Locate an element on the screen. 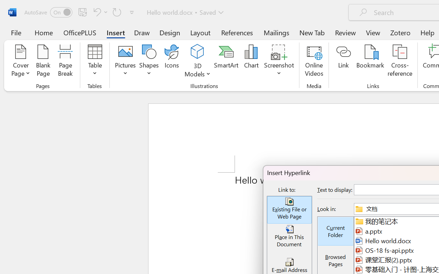  'Quick Access Toolbar' is located at coordinates (80, 12).